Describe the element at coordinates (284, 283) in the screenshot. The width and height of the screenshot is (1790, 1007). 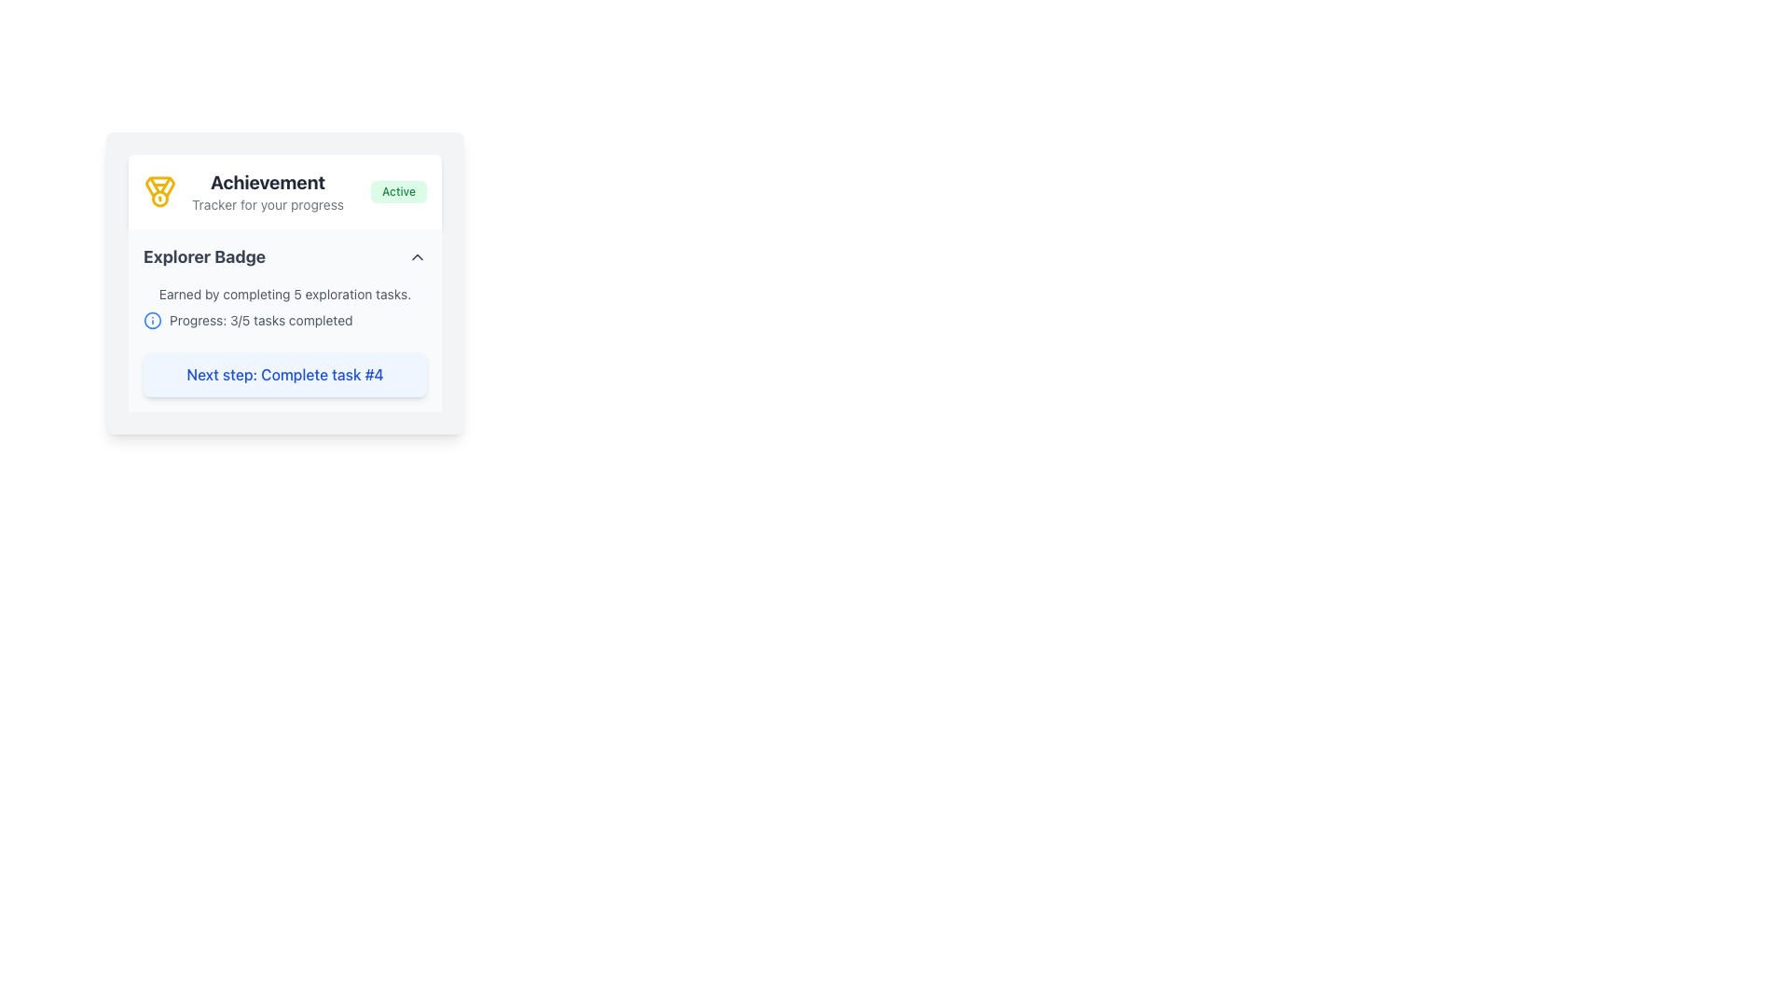
I see `the achievement tracker card located within a vertical card structure, which has a light gray background and shadow effect, to get details` at that location.